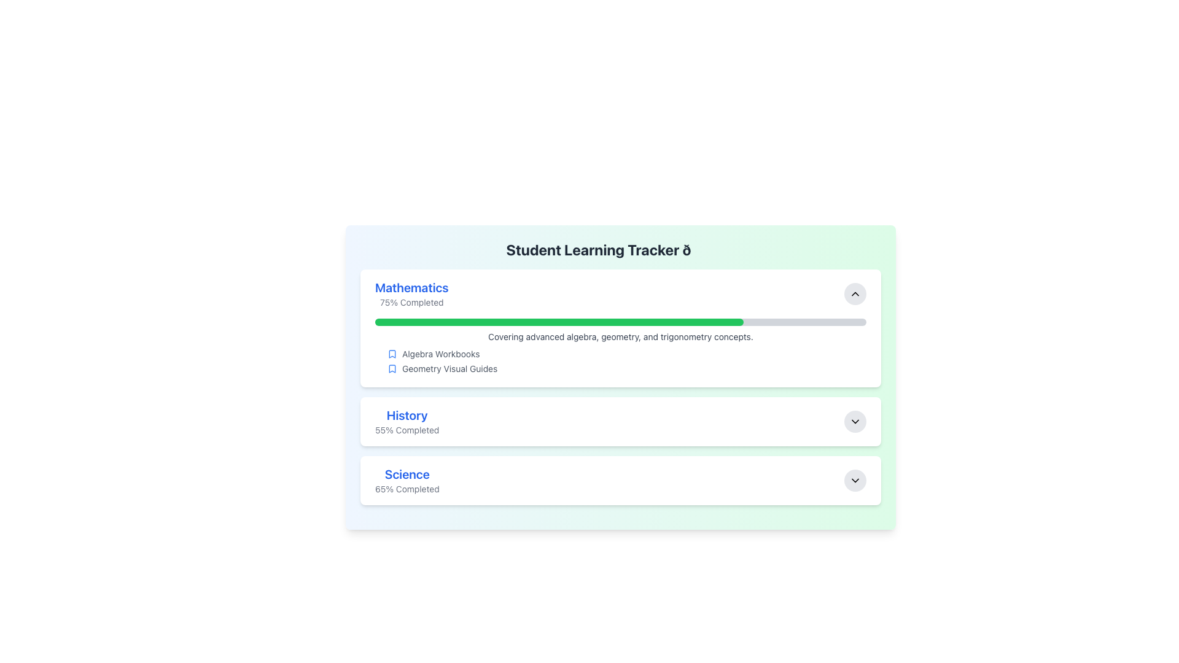  Describe the element at coordinates (621, 321) in the screenshot. I see `Progress bar located in the Mathematics section of the Student Learning Tracker interface, which is styled with rounded edges and currently shows 75% completion` at that location.